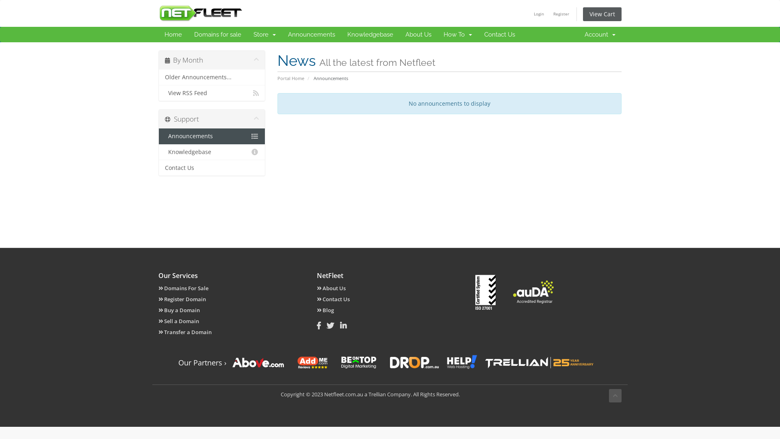 This screenshot has width=780, height=439. What do you see at coordinates (158, 288) in the screenshot?
I see `'Domains For Sale'` at bounding box center [158, 288].